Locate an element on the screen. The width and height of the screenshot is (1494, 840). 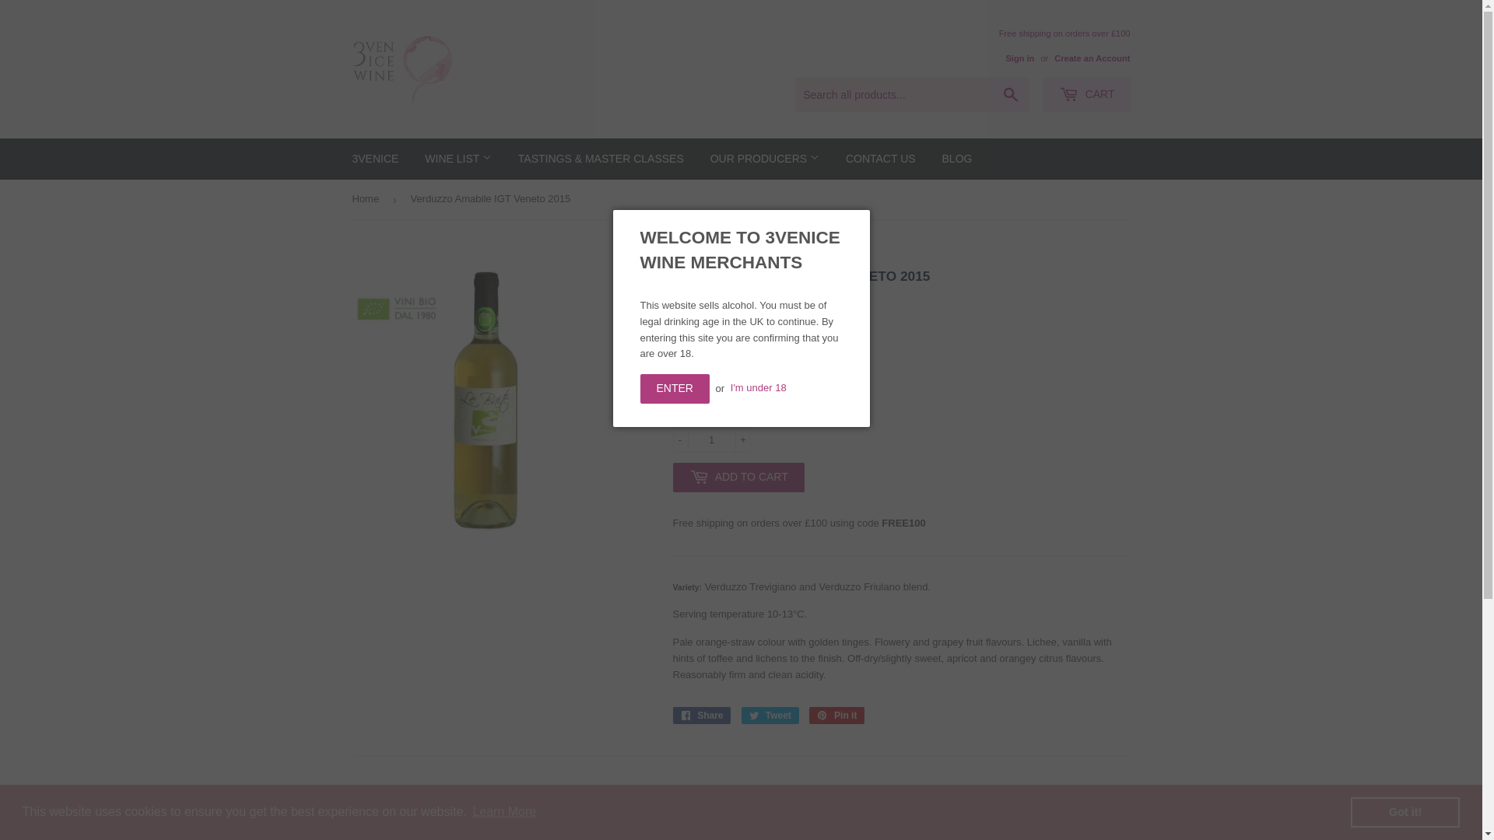
'Share is located at coordinates (700, 716).